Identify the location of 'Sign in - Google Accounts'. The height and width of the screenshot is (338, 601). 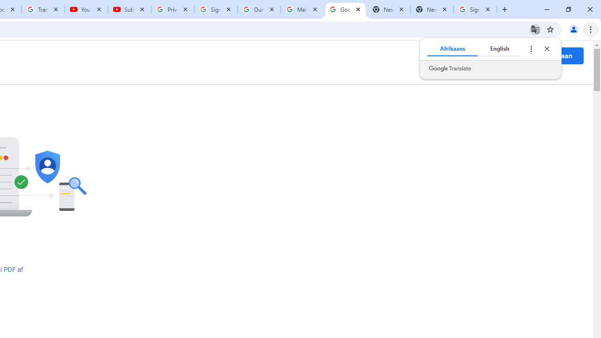
(215, 9).